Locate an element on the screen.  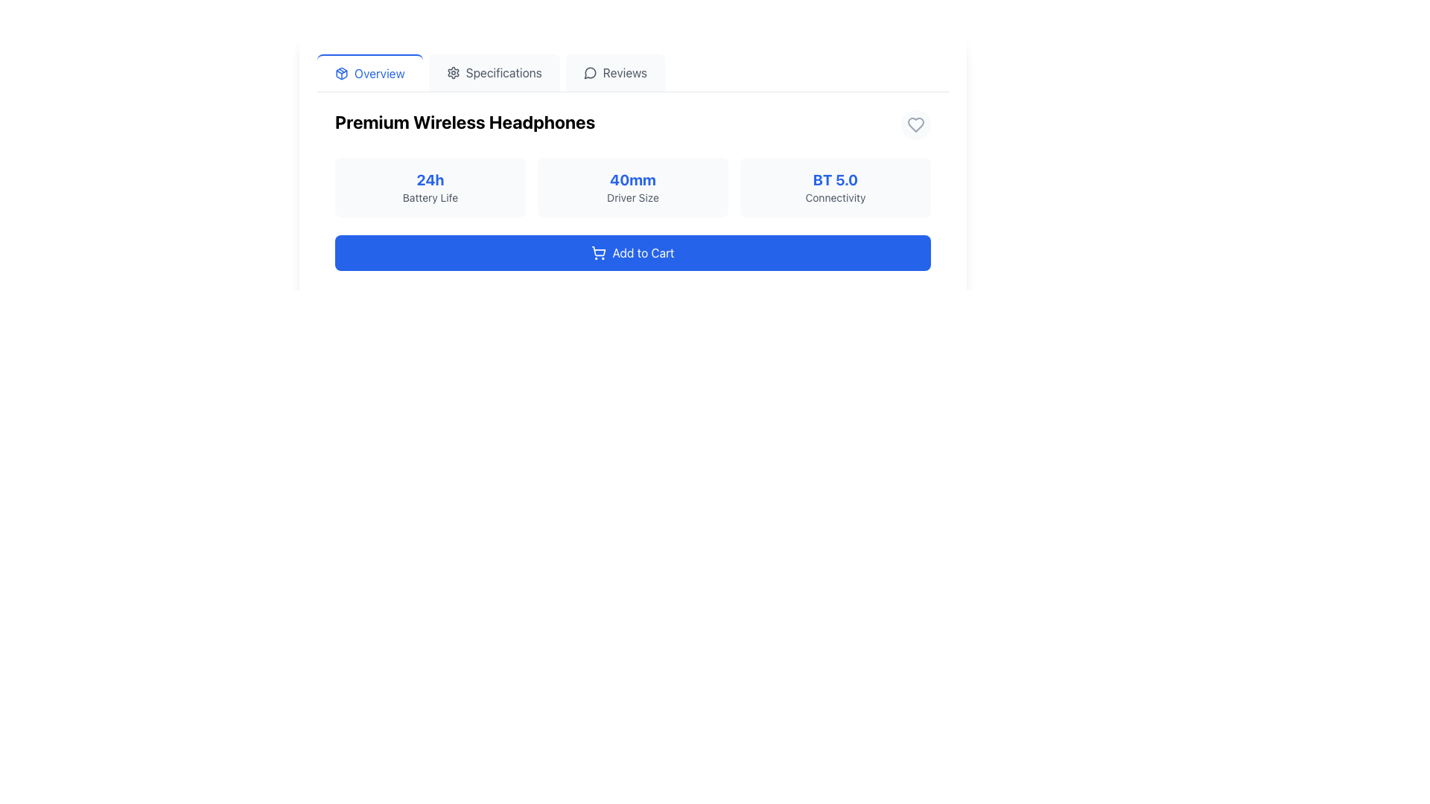
the static text label displaying 'Connectivity', which is styled in a small gray font and located below the 'BT 5.0' text within a light gray background box is located at coordinates (836, 197).